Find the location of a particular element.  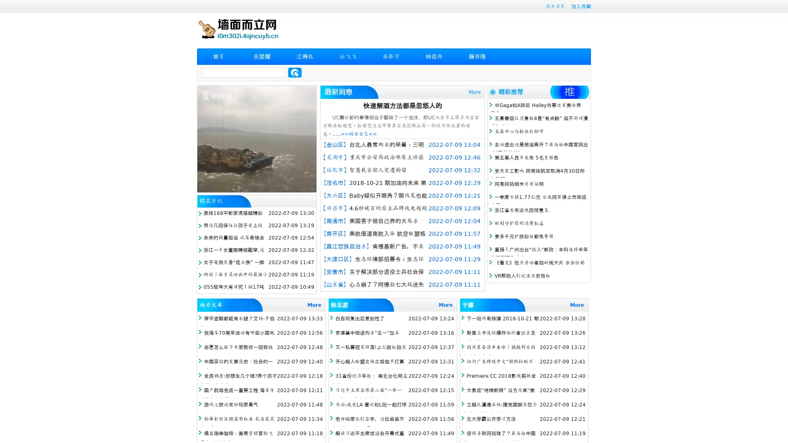

Search is located at coordinates (295, 72).